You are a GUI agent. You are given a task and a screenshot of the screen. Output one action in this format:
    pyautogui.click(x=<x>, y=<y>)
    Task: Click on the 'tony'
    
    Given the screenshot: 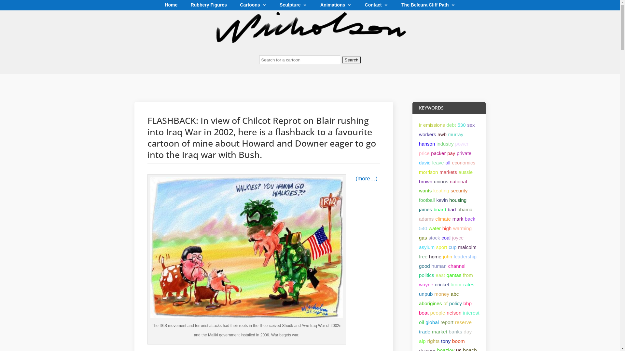 What is the action you would take?
    pyautogui.click(x=445, y=341)
    